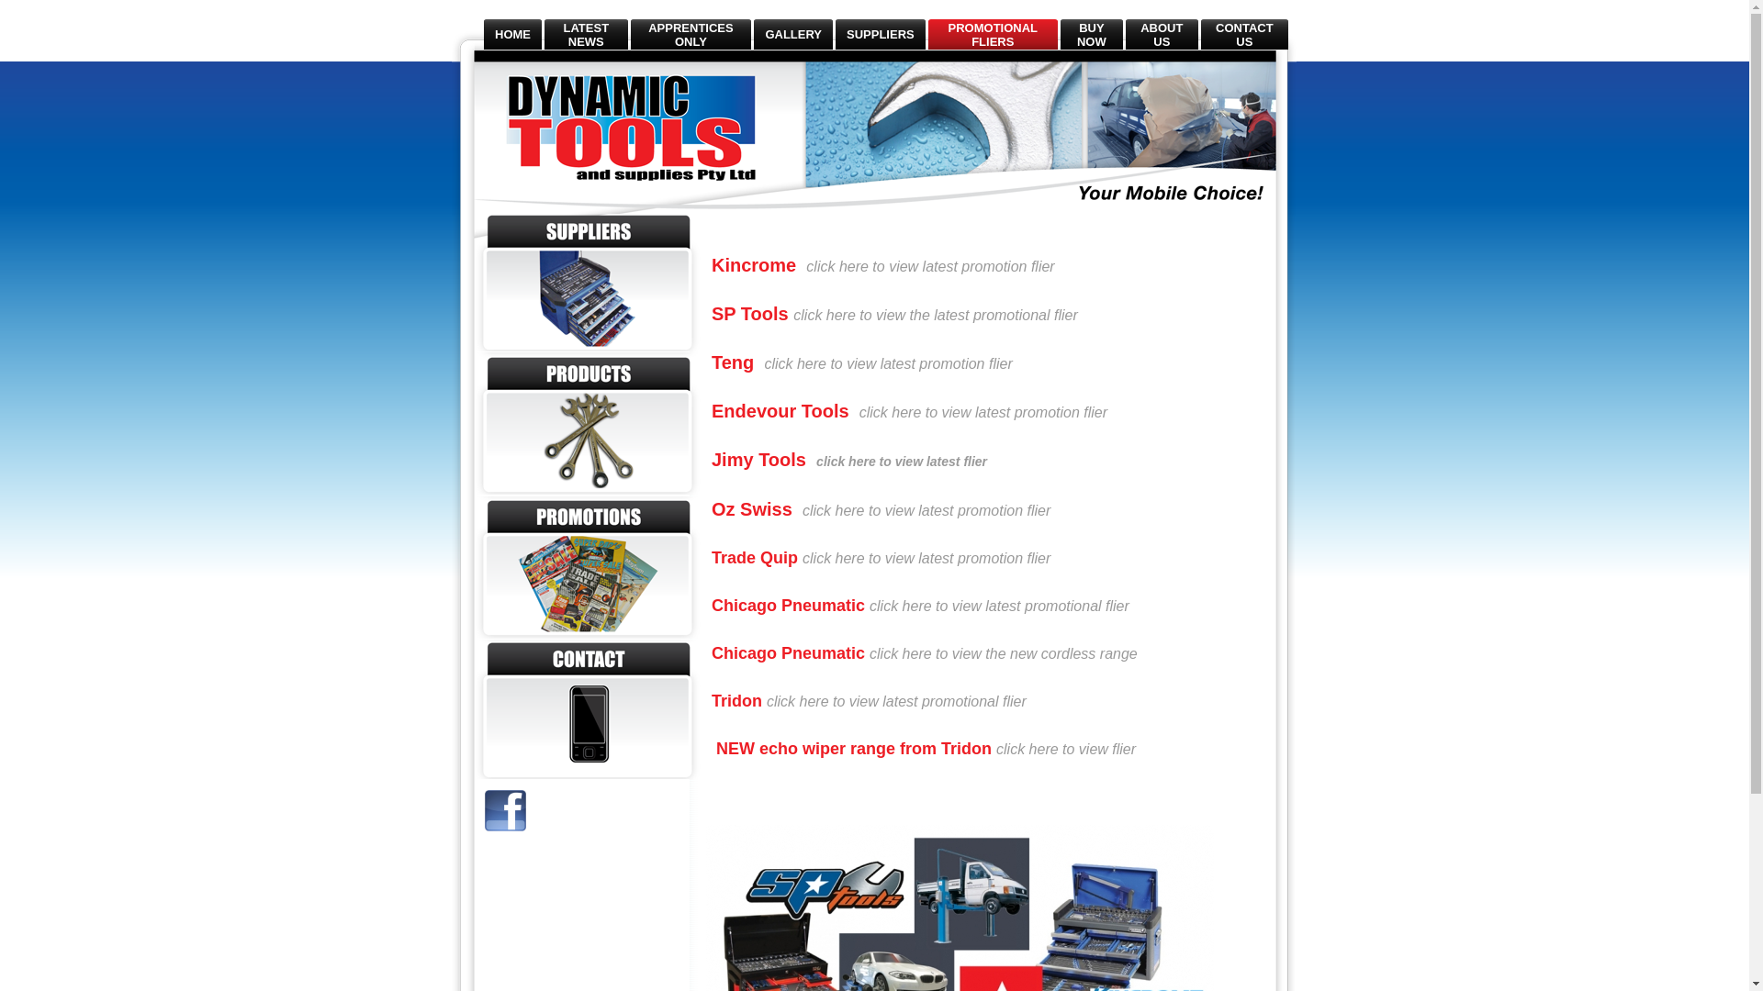 The image size is (1763, 991). Describe the element at coordinates (512, 34) in the screenshot. I see `'HOME'` at that location.